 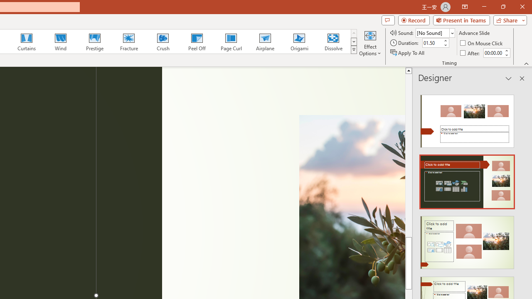 I want to click on 'Origami', so click(x=299, y=42).